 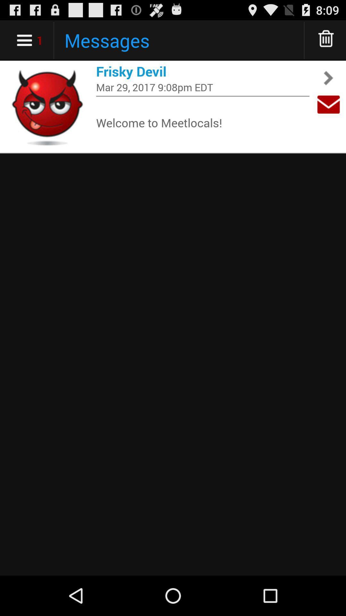 What do you see at coordinates (202, 122) in the screenshot?
I see `welcome to meetlocals` at bounding box center [202, 122].